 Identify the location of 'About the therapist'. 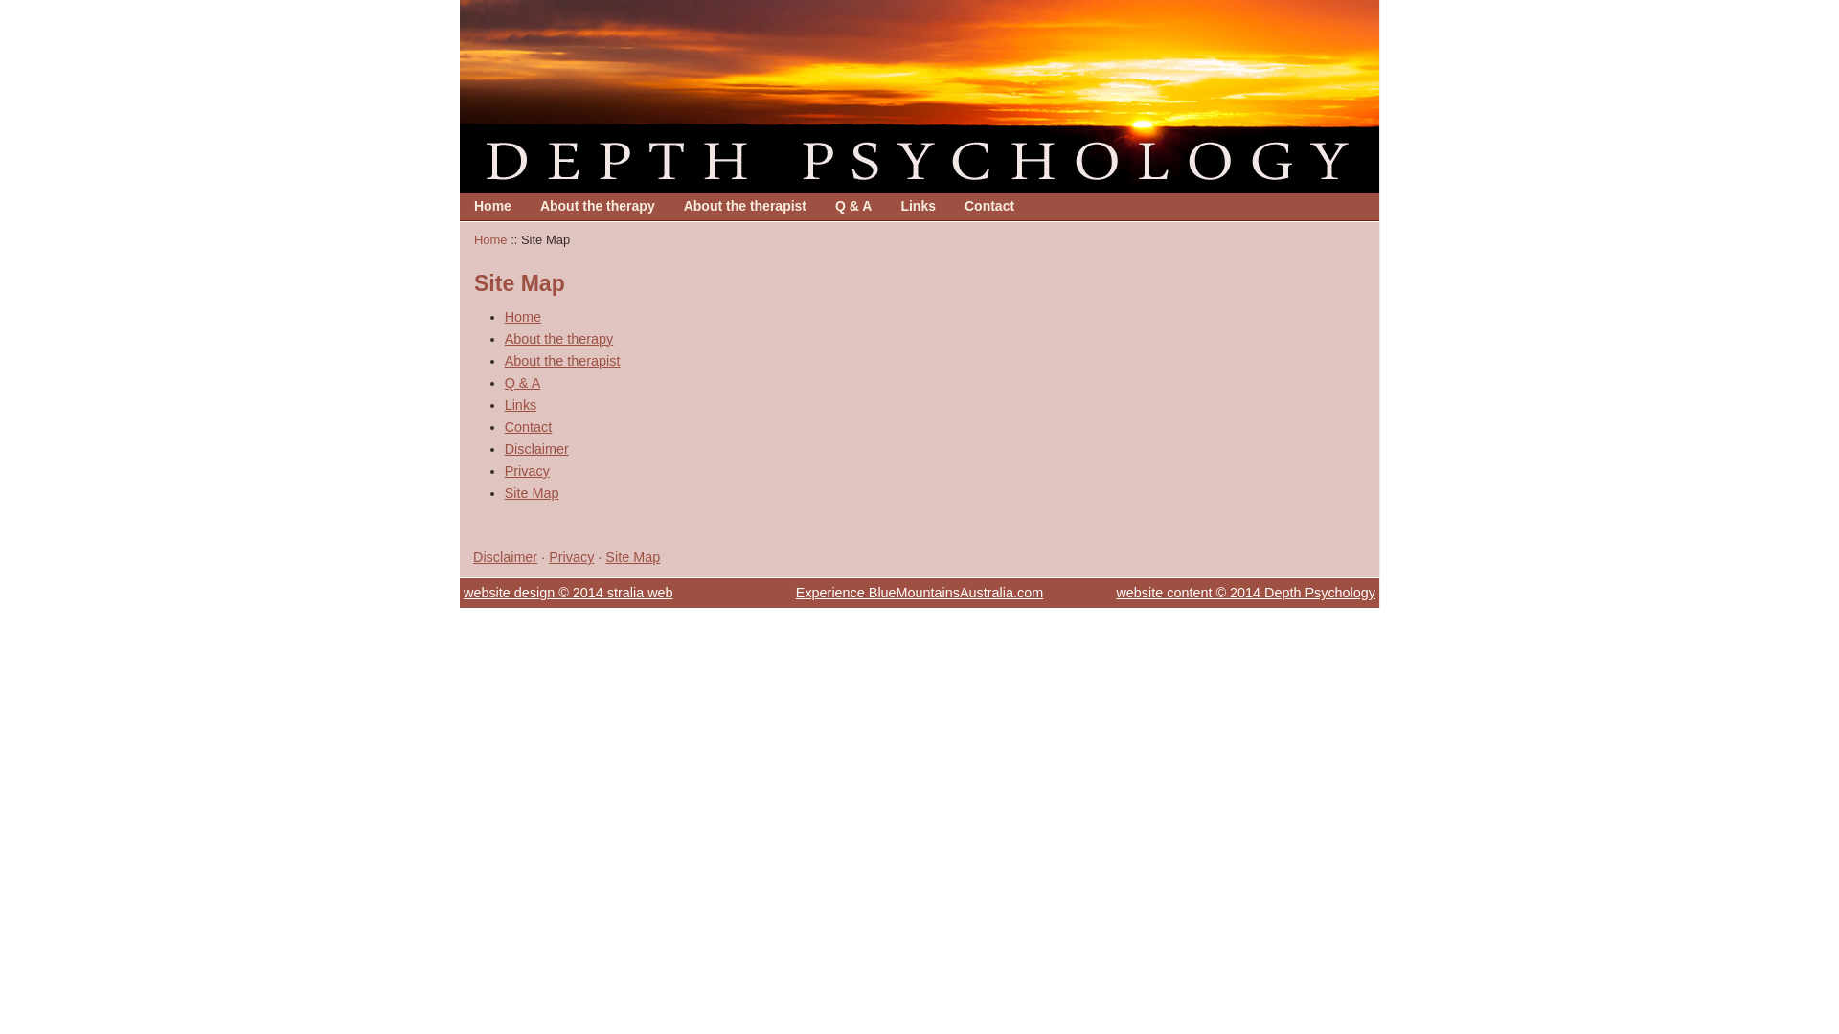
(561, 361).